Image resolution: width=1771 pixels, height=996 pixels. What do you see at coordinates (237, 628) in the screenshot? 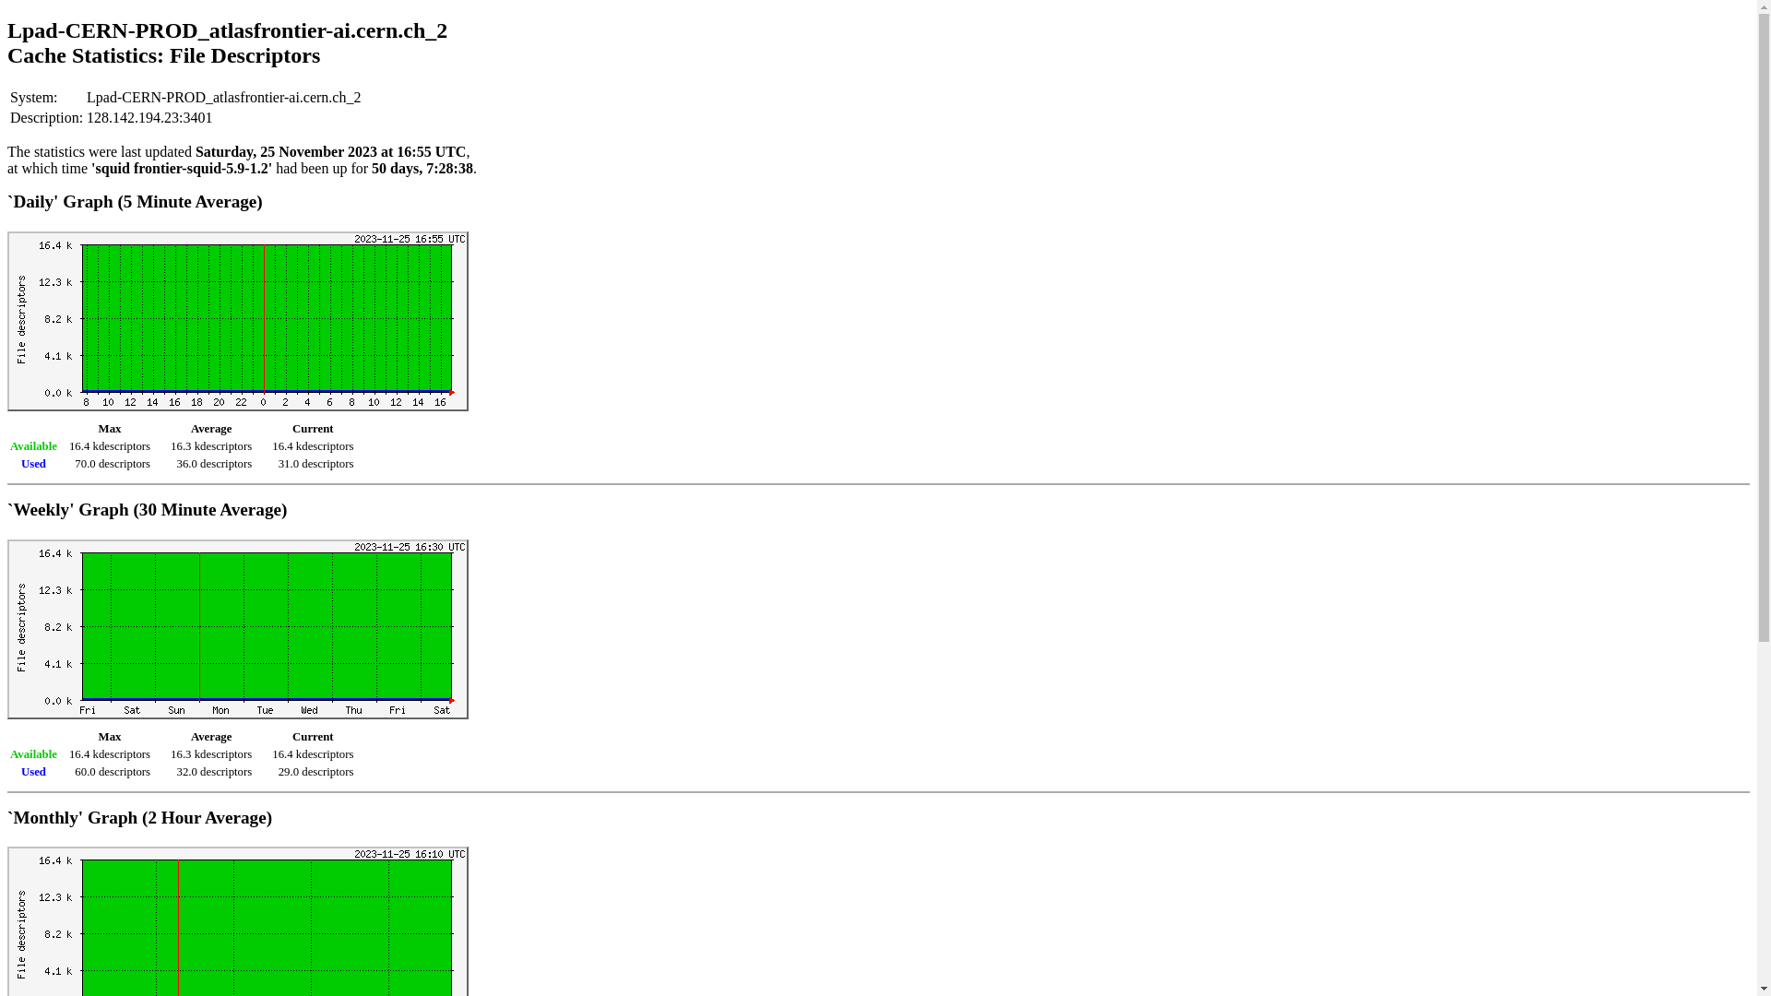
I see `'week'` at bounding box center [237, 628].